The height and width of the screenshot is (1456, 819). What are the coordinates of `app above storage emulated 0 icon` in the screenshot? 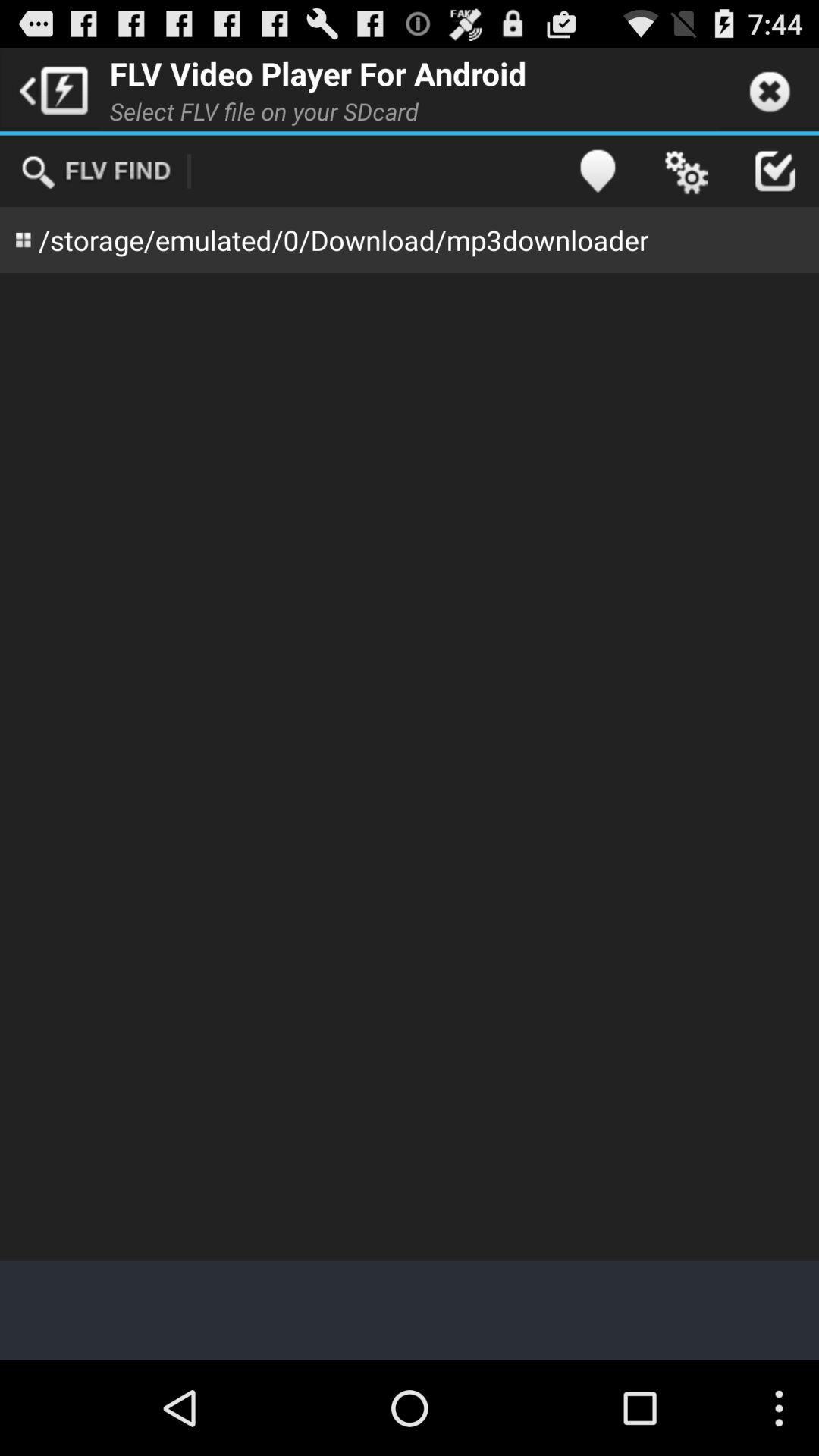 It's located at (686, 171).